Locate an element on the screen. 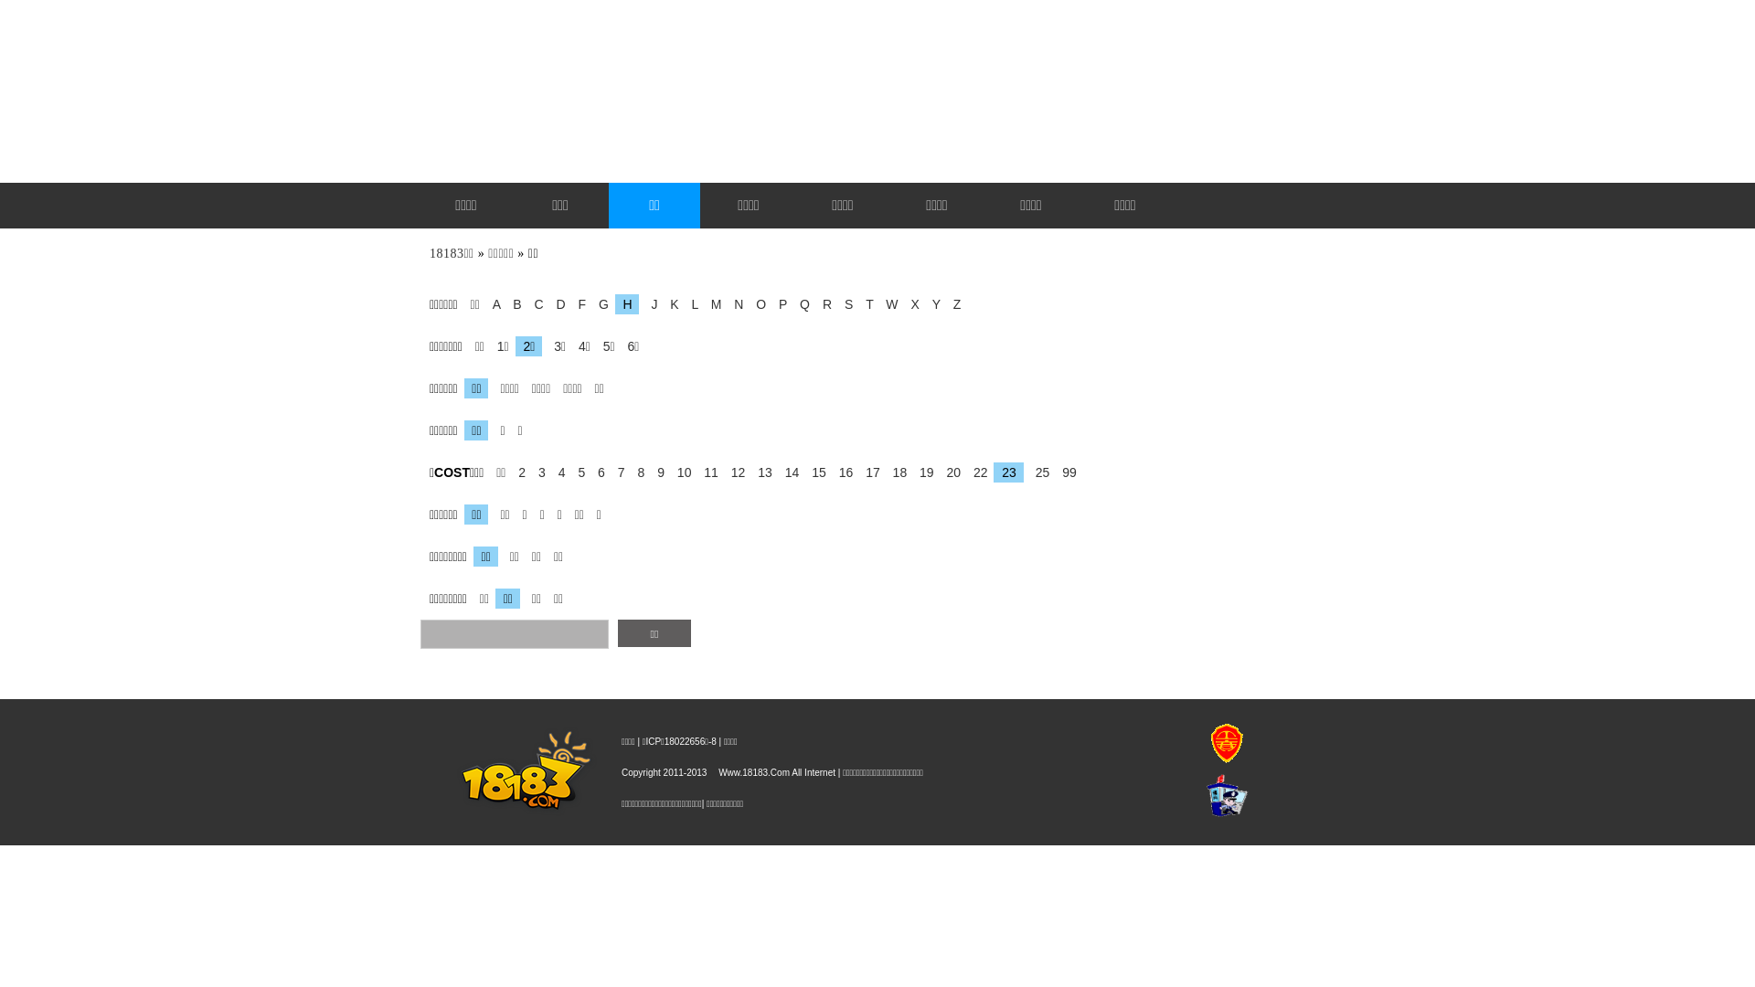  '19' is located at coordinates (921, 471).